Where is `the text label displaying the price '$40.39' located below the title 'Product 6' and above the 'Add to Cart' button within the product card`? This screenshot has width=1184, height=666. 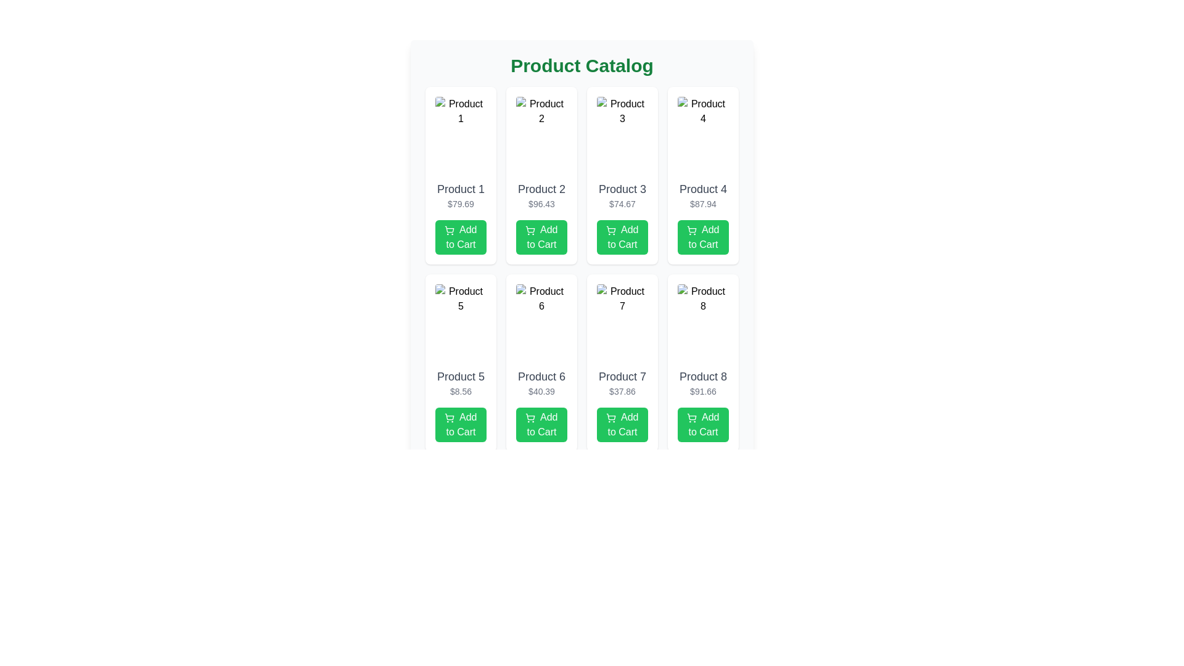 the text label displaying the price '$40.39' located below the title 'Product 6' and above the 'Add to Cart' button within the product card is located at coordinates (541, 392).